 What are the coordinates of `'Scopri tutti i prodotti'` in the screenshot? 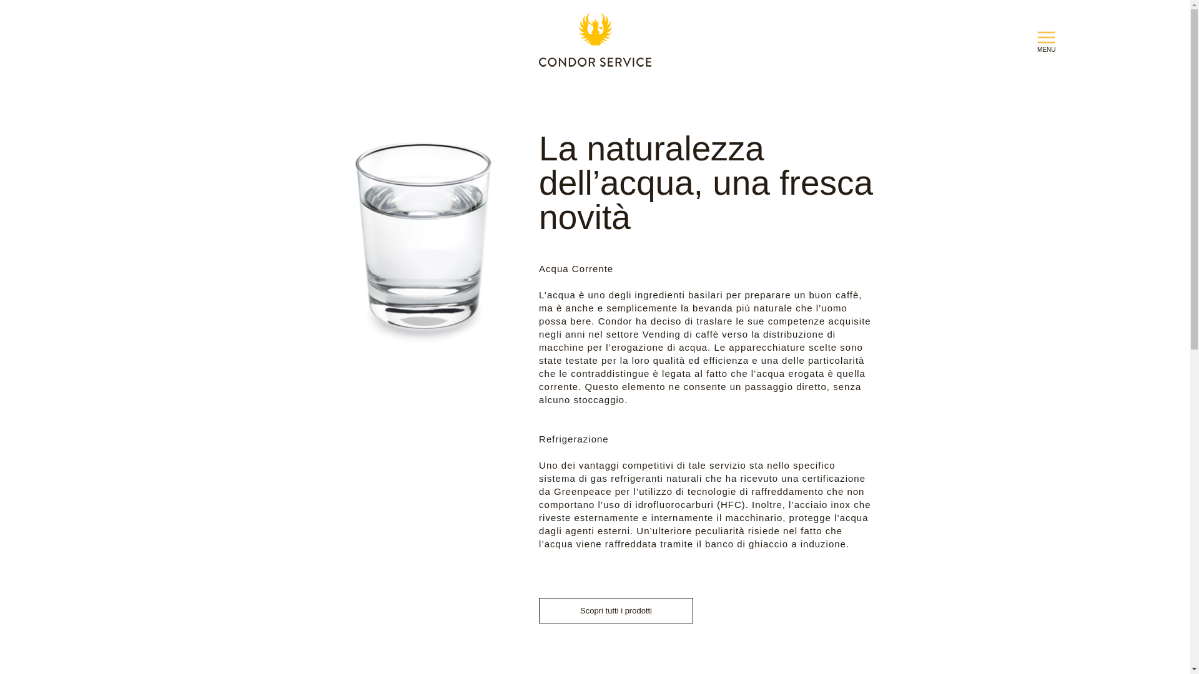 It's located at (616, 610).